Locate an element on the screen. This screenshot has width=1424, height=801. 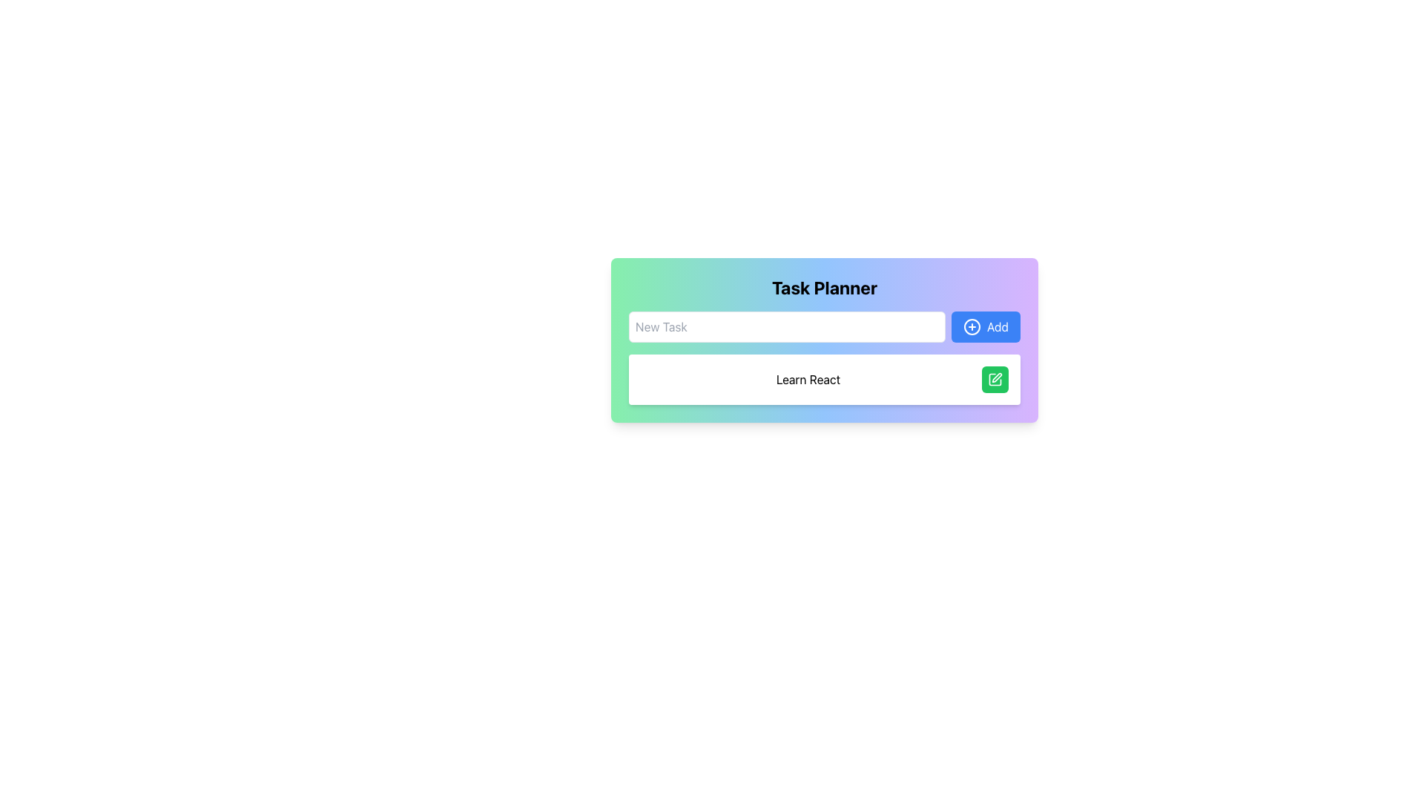
the small pen icon embedded within the colored button located to the far right of the task row in the application is located at coordinates (997, 377).